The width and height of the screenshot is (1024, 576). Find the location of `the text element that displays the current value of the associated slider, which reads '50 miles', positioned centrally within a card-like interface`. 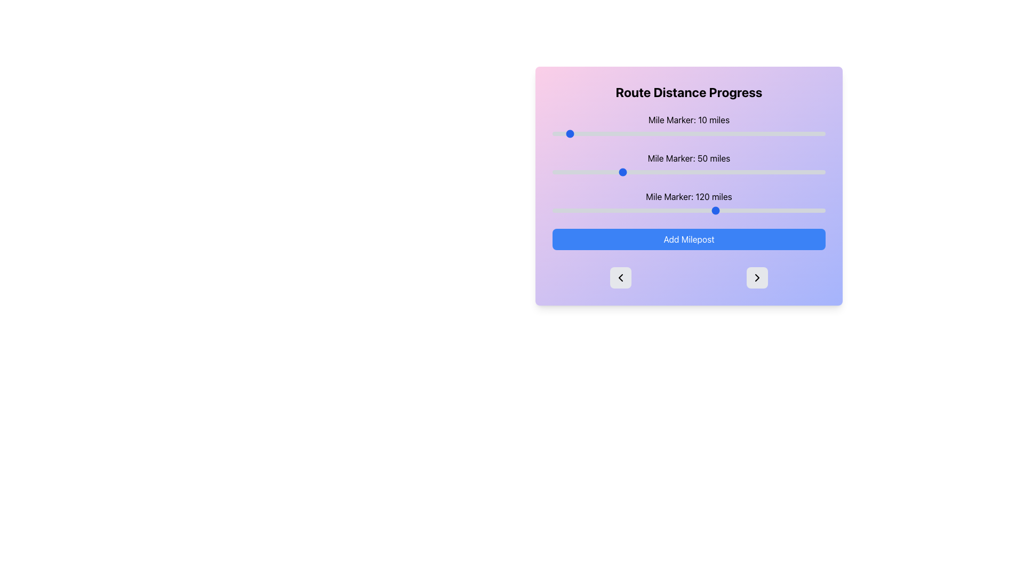

the text element that displays the current value of the associated slider, which reads '50 miles', positioned centrally within a card-like interface is located at coordinates (689, 158).